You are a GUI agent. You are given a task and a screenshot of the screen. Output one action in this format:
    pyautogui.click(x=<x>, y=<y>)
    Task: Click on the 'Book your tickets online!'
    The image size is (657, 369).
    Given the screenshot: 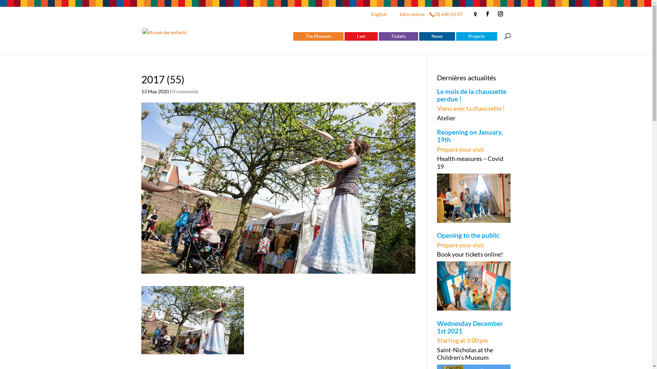 What is the action you would take?
    pyautogui.click(x=474, y=254)
    